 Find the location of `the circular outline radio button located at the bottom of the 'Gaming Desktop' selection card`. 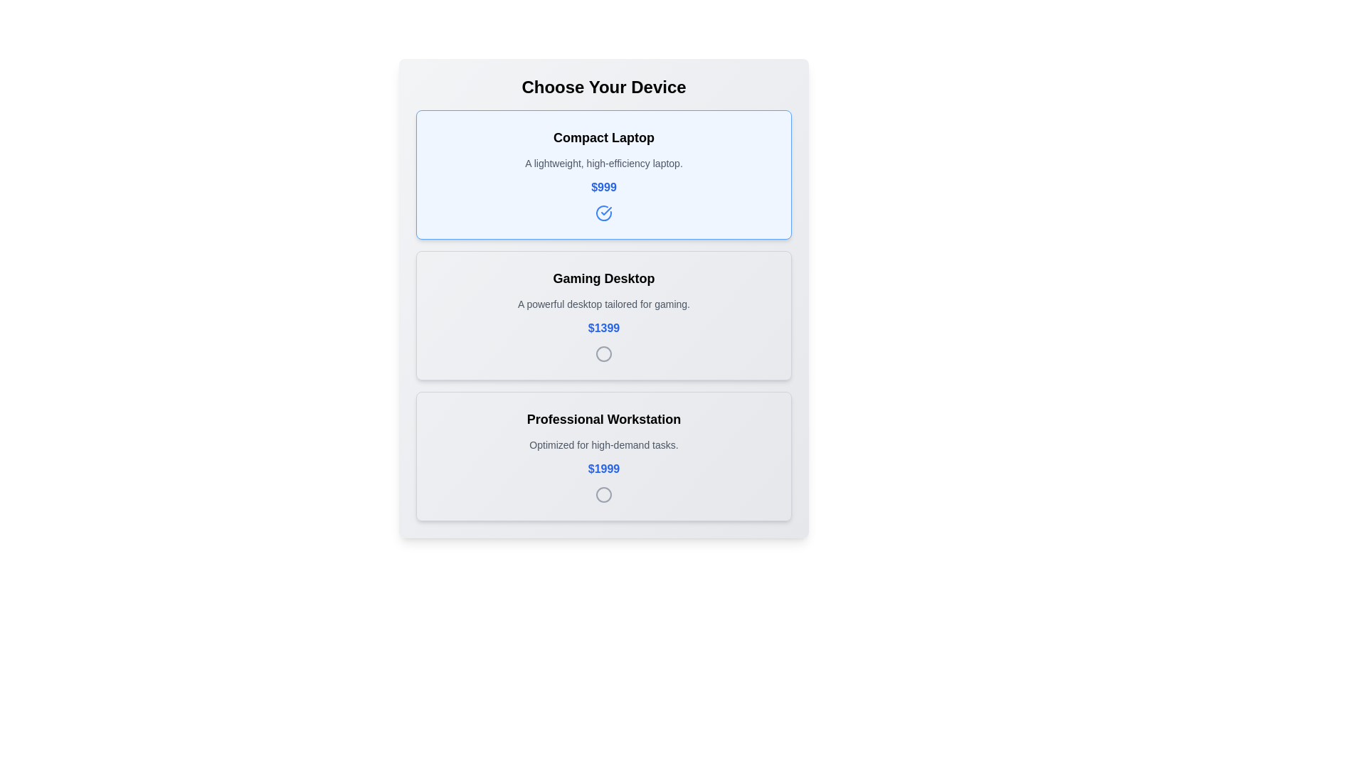

the circular outline radio button located at the bottom of the 'Gaming Desktop' selection card is located at coordinates (604, 353).